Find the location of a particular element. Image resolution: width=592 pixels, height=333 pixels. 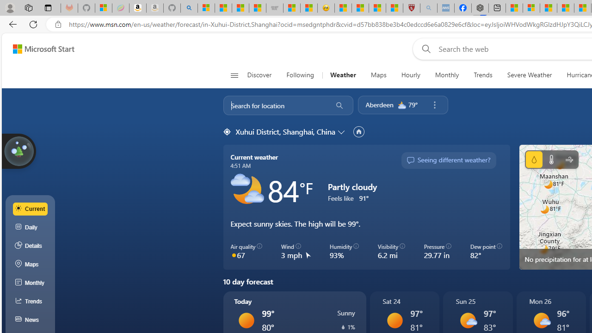

'Microsoft account | Privacy' is located at coordinates (531, 8).